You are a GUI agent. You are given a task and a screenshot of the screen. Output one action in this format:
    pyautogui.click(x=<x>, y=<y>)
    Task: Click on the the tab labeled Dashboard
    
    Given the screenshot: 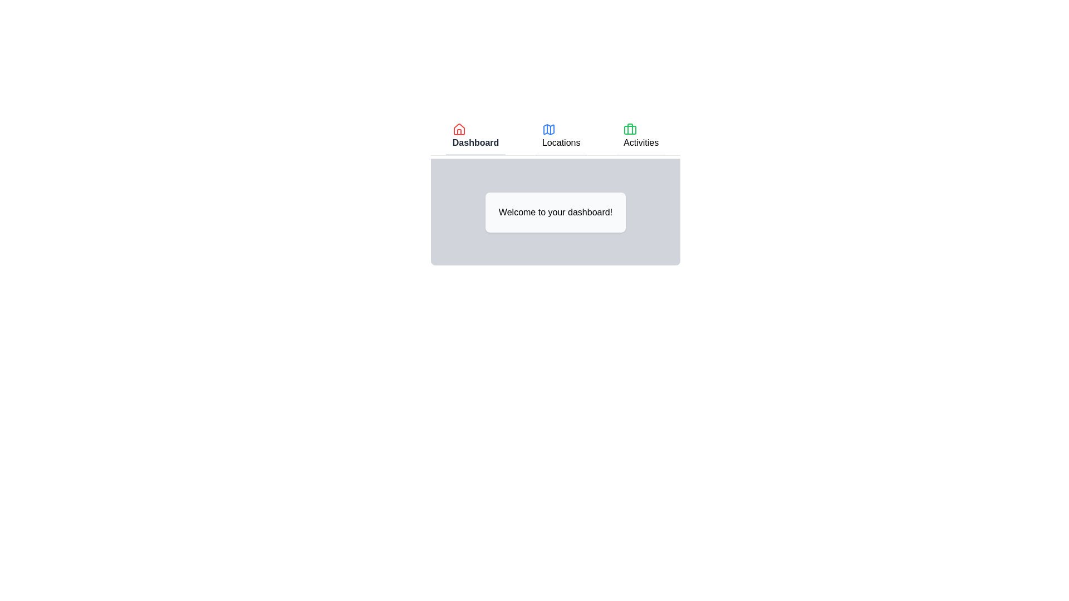 What is the action you would take?
    pyautogui.click(x=475, y=136)
    